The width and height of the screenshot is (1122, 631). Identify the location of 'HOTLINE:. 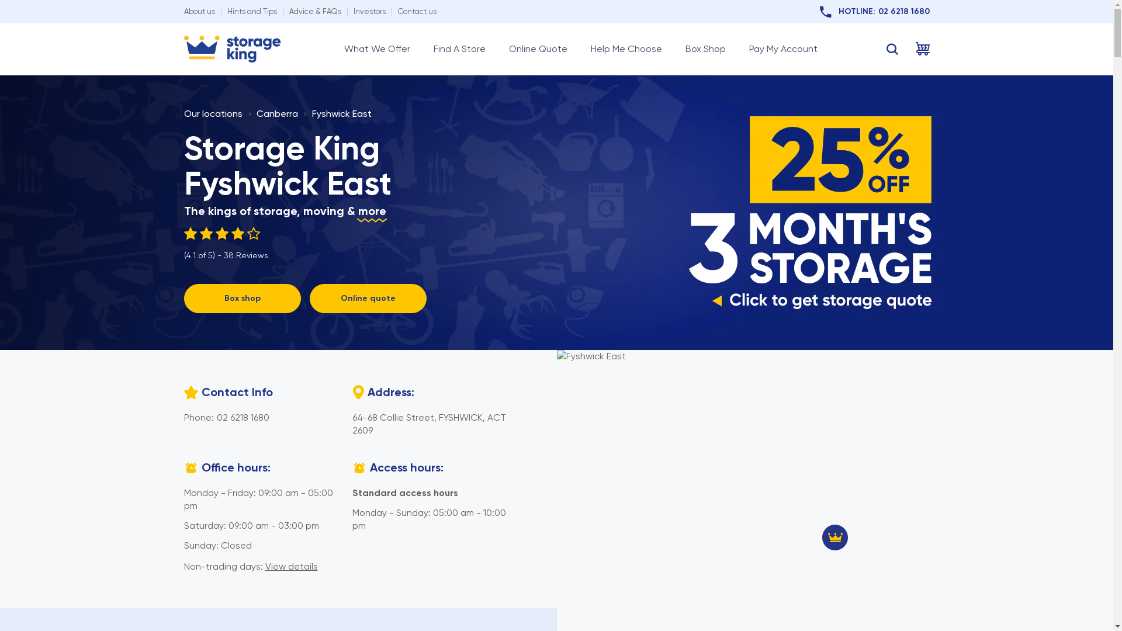
(874, 11).